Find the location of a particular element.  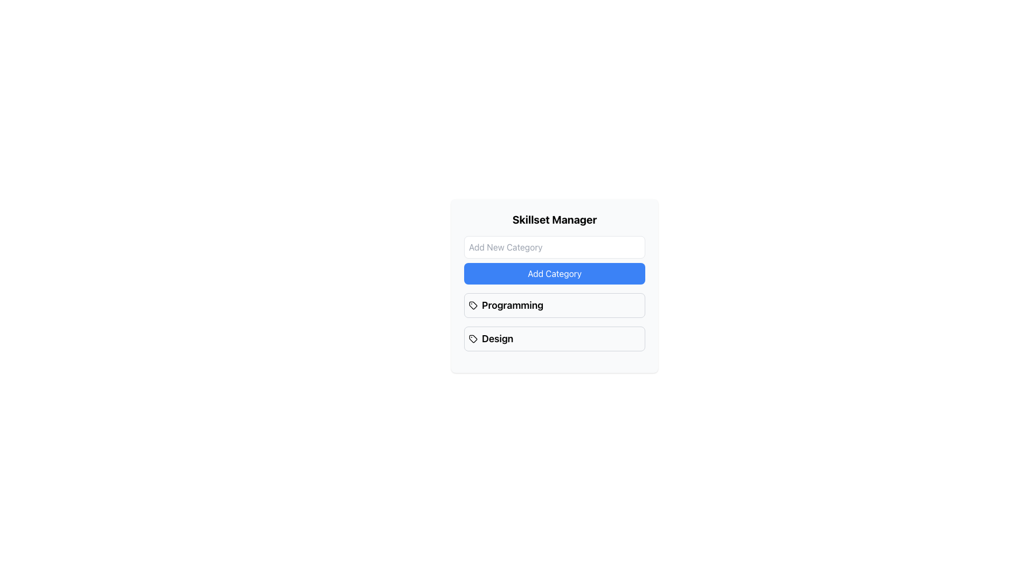

the Programming icon located to the left of the text in the Skillset Manager card is located at coordinates (473, 306).